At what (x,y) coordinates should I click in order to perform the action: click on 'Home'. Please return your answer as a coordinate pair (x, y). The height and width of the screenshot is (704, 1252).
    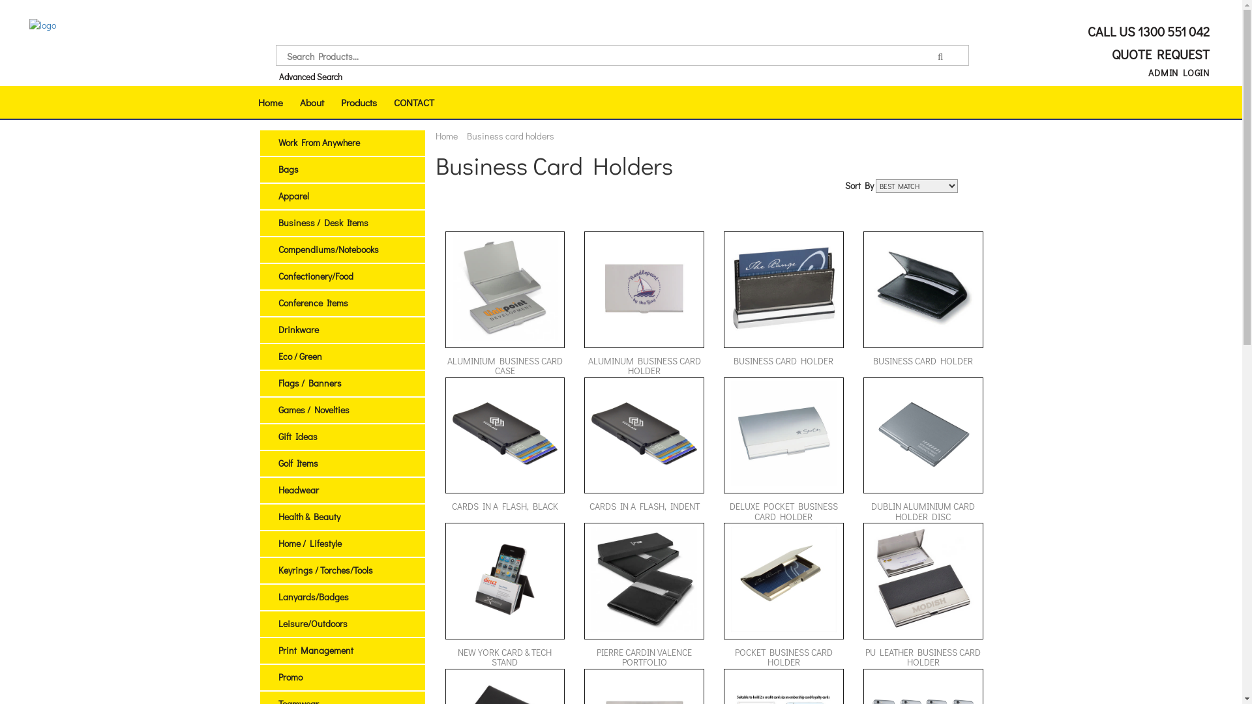
    Looking at the image, I should click on (269, 102).